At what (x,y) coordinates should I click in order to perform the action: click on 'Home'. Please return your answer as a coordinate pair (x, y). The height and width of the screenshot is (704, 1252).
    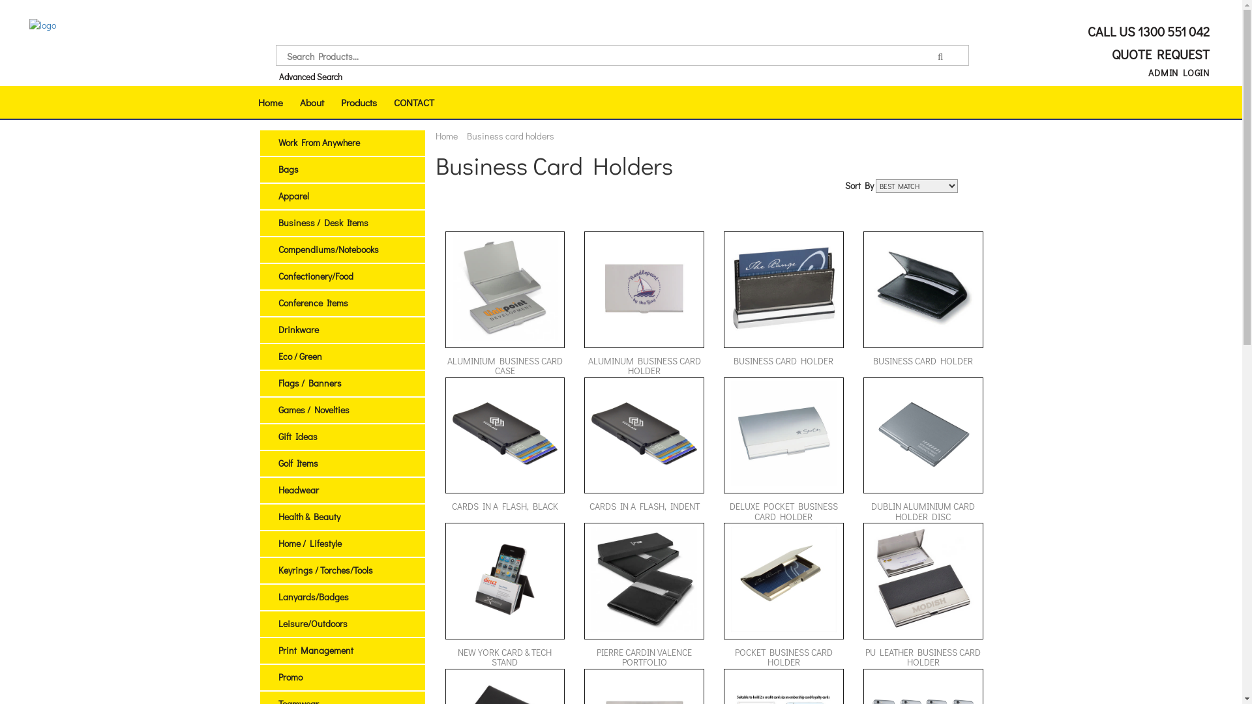
    Looking at the image, I should click on (269, 102).